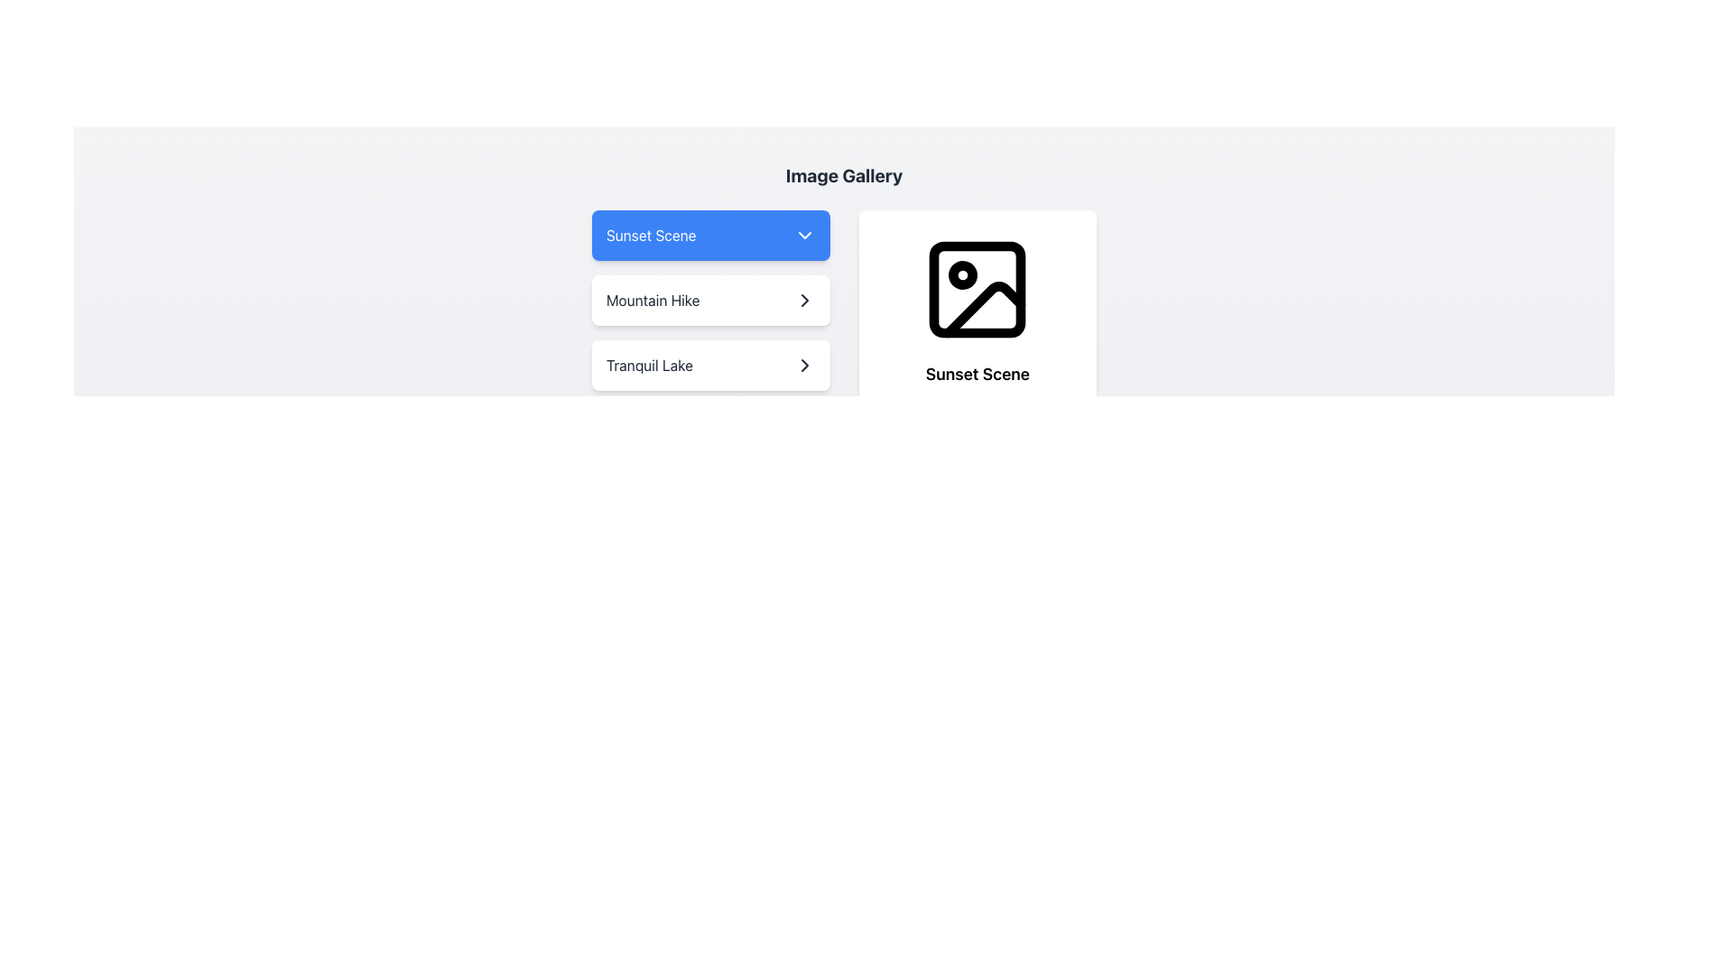 This screenshot has width=1733, height=975. Describe the element at coordinates (977, 374) in the screenshot. I see `the text label reading 'Sunset Scene', which is styled with a bold font and positioned below a photograph icon within a card layout` at that location.